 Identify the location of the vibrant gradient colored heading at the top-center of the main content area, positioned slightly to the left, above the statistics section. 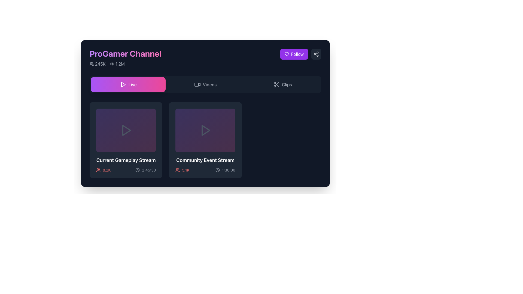
(125, 58).